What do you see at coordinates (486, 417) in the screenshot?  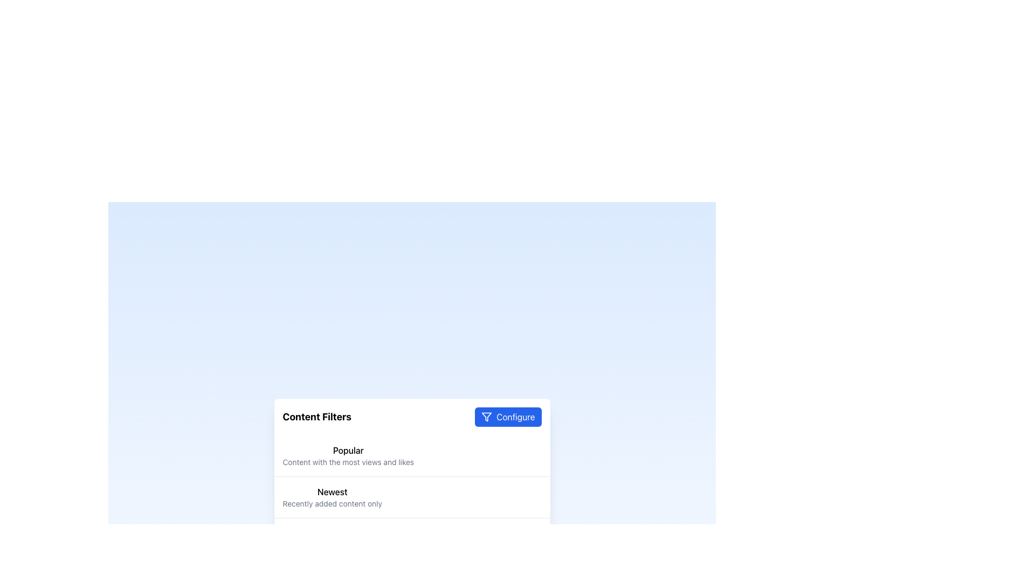 I see `the filter icon located within the 'Configure' button in the upper-right corner of the 'Content Filters' card` at bounding box center [486, 417].